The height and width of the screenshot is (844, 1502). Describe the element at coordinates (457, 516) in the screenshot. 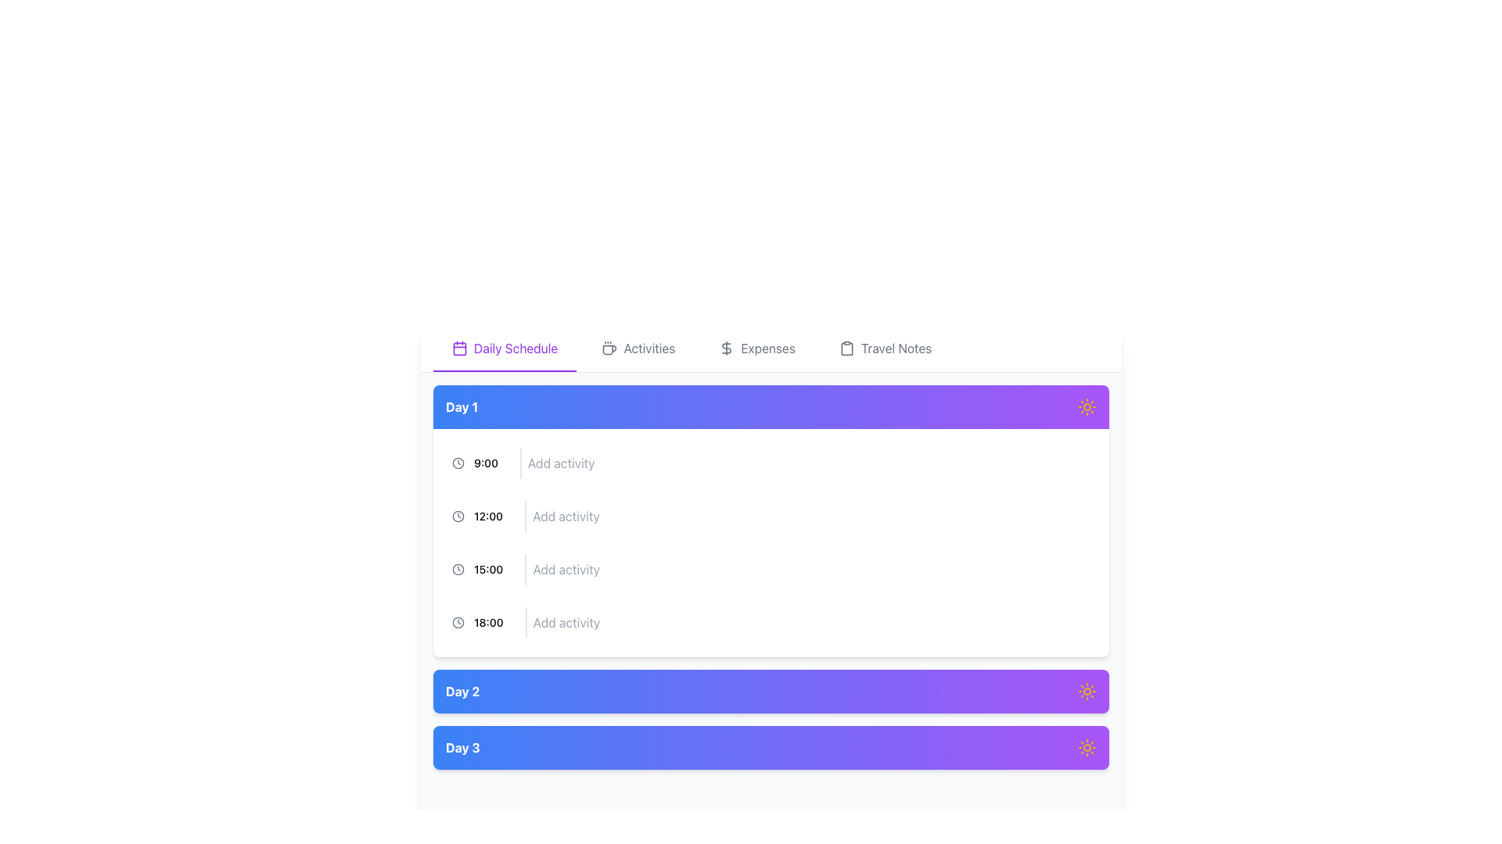

I see `the gray clock icon located in the '12:00' time row, positioned to the left of the text '12:00' in the 'Day 1' section of the schedule` at that location.